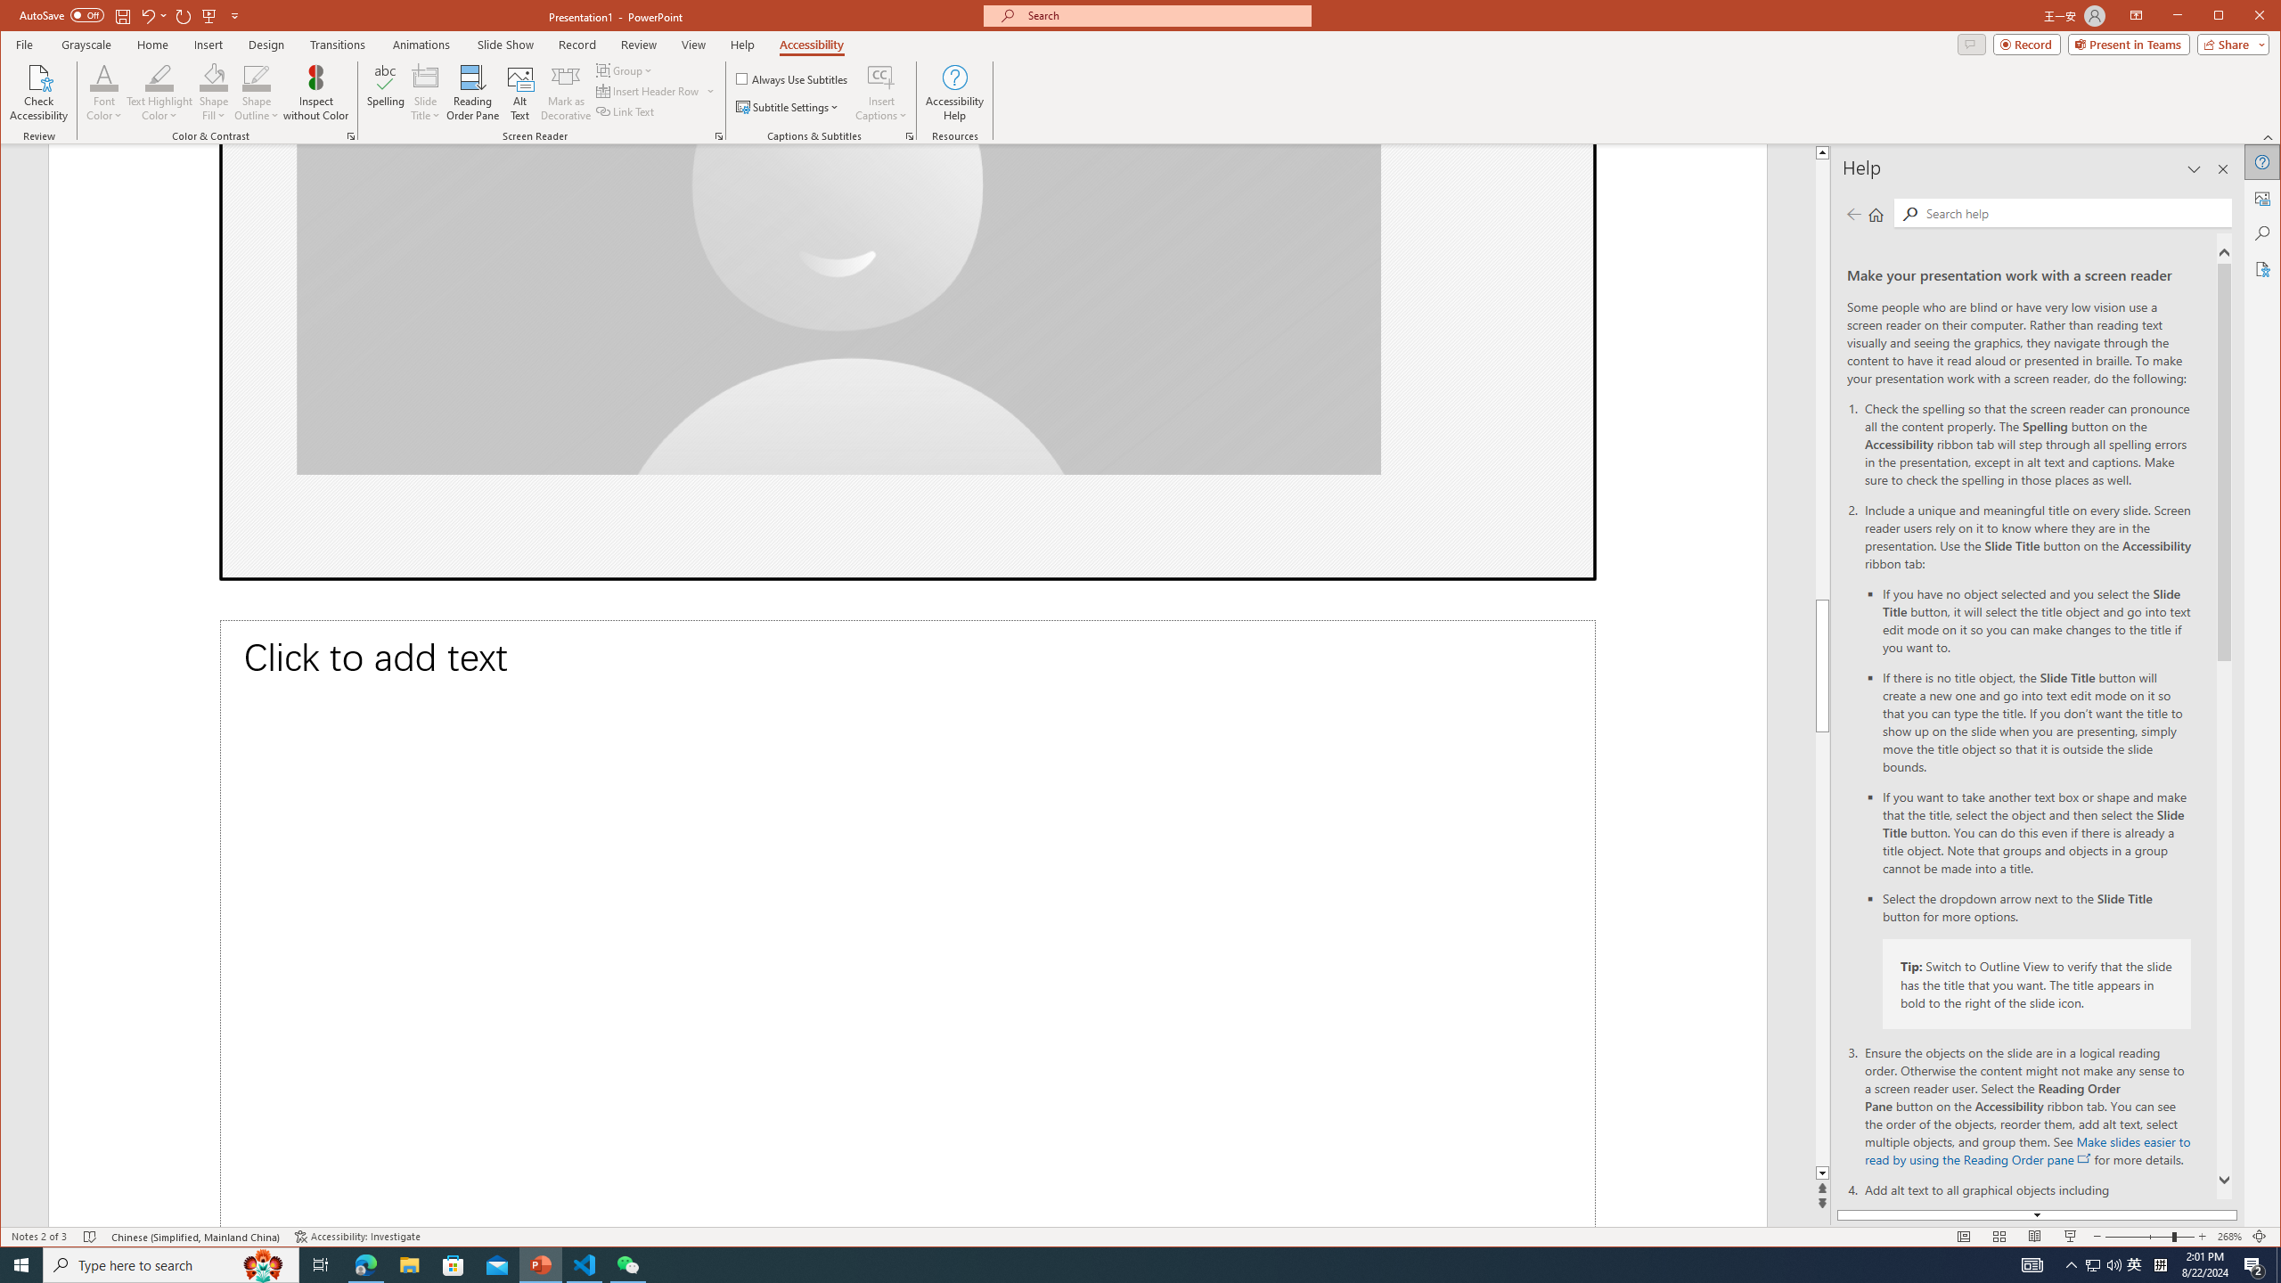 The image size is (2281, 1283). What do you see at coordinates (564, 92) in the screenshot?
I see `'Mark as Decorative'` at bounding box center [564, 92].